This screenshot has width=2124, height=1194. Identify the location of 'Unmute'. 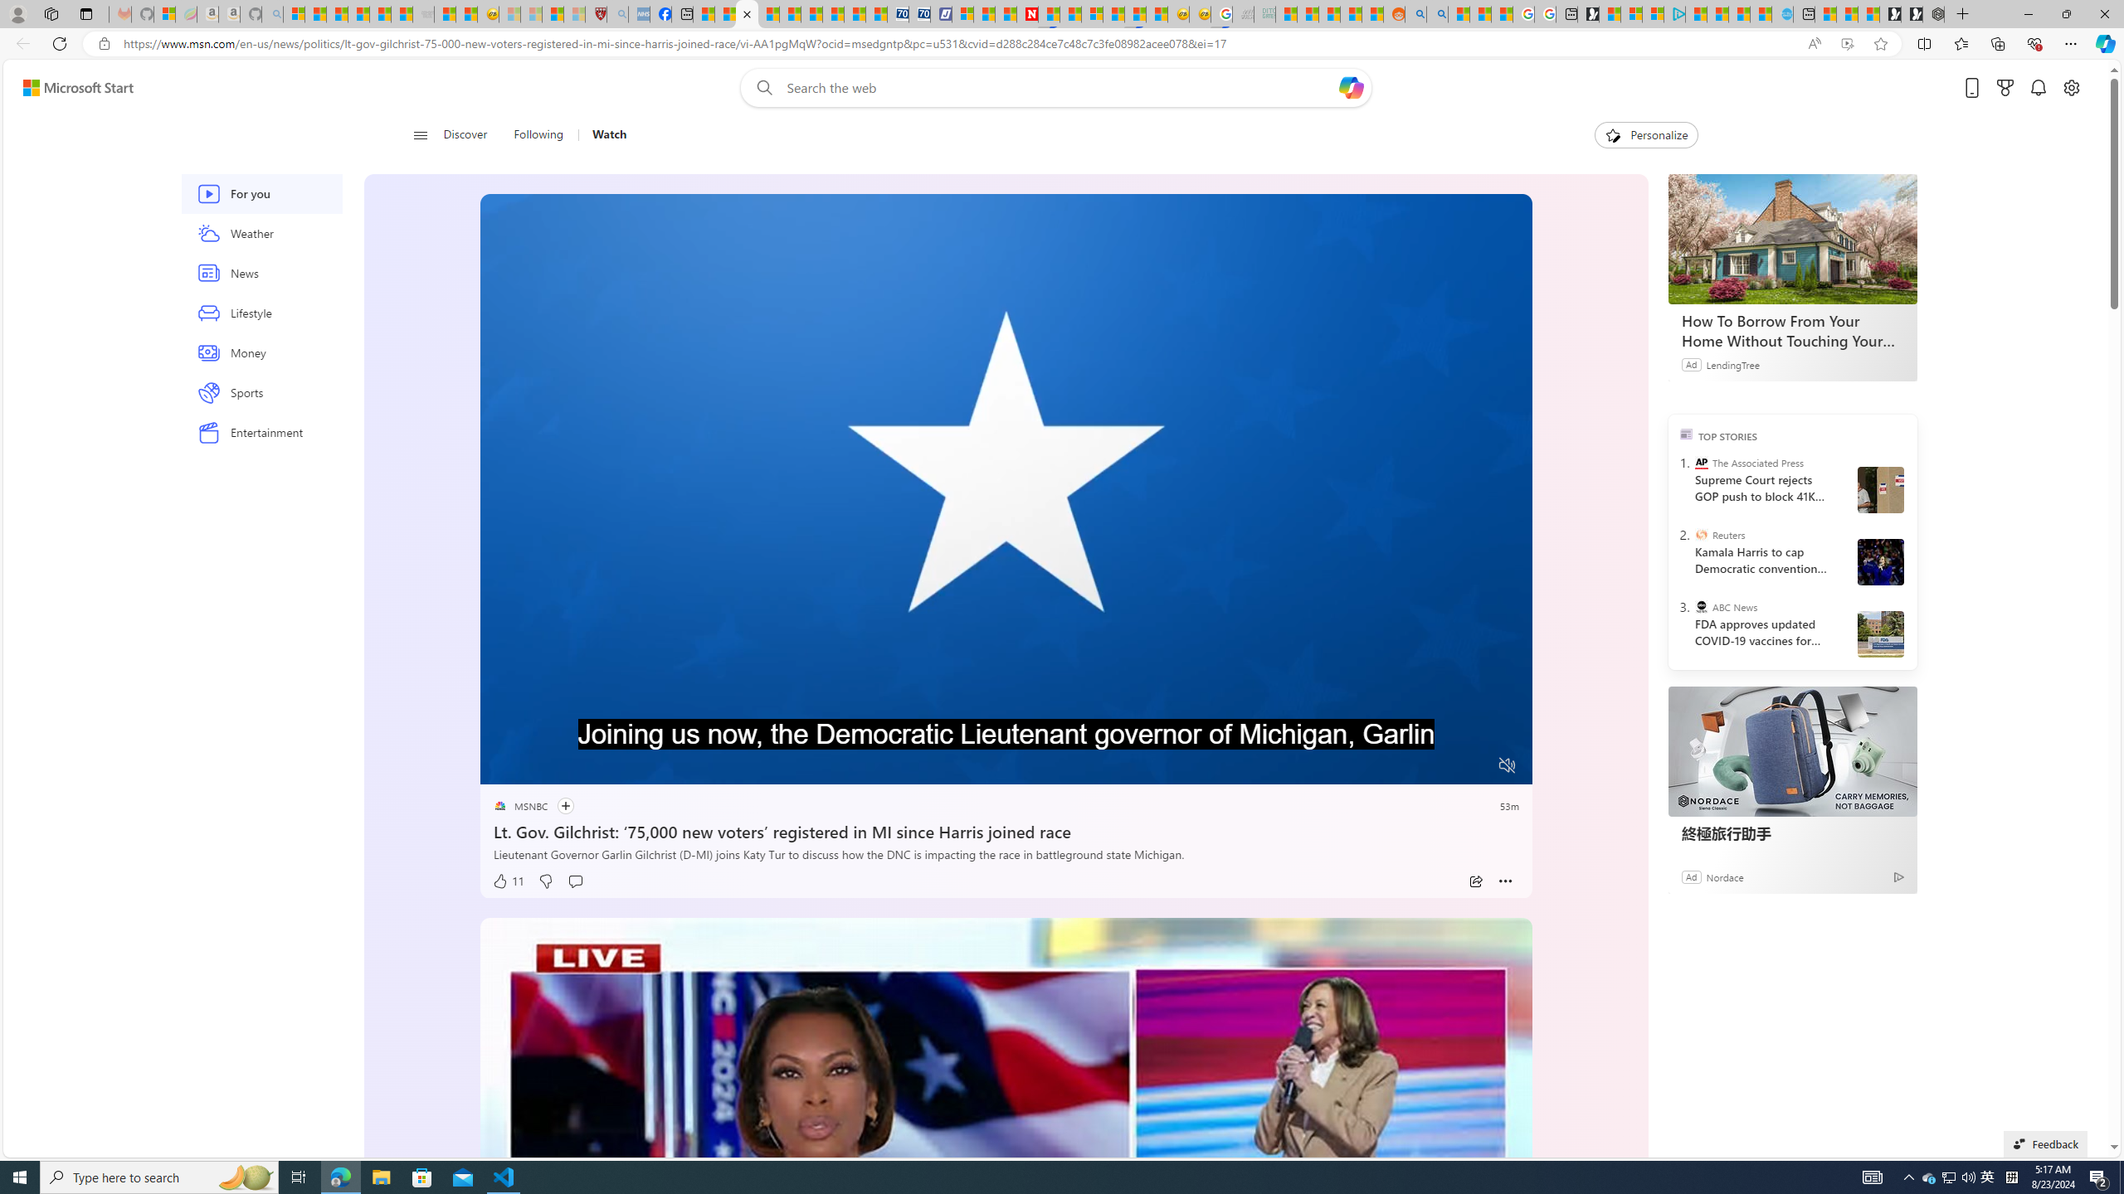
(1508, 764).